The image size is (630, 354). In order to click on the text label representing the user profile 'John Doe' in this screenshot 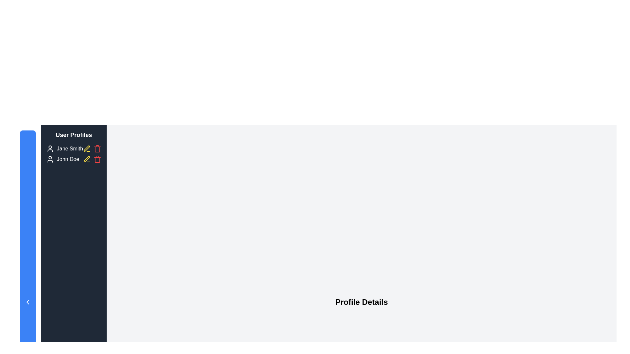, I will do `click(68, 159)`.